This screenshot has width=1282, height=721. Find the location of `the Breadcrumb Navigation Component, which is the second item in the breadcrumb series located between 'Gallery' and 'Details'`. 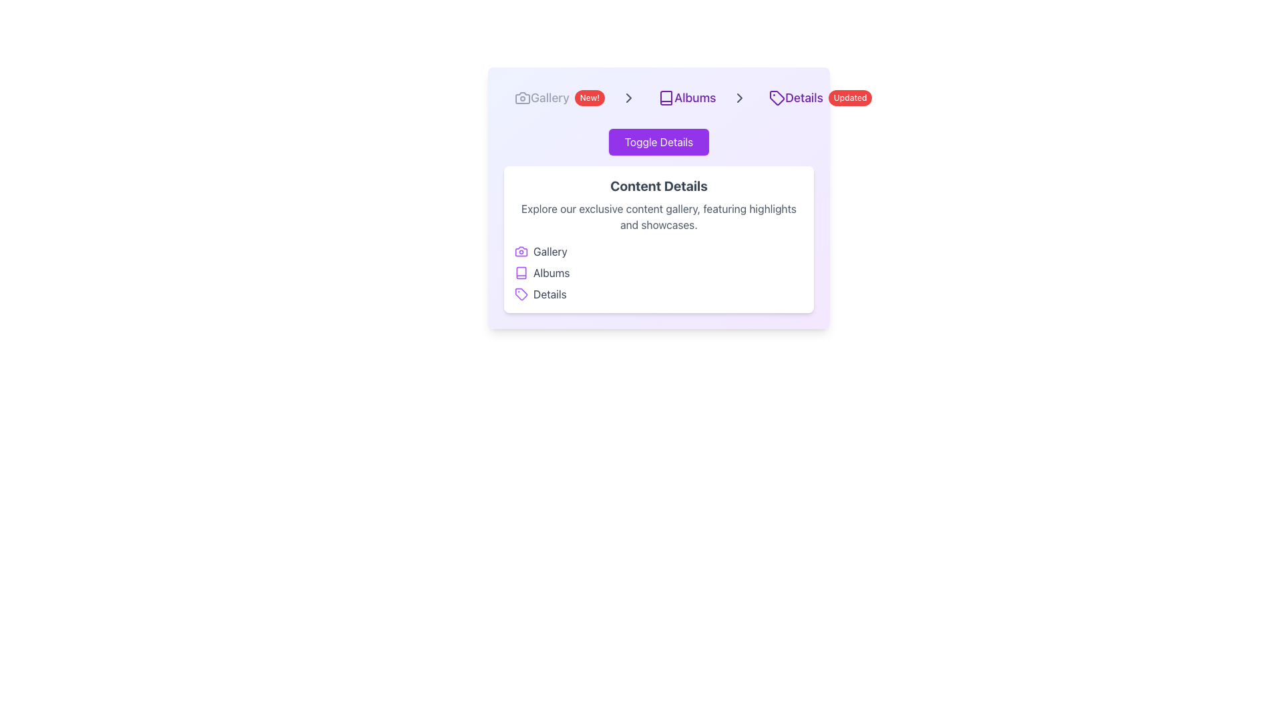

the Breadcrumb Navigation Component, which is the second item in the breadcrumb series located between 'Gallery' and 'Details' is located at coordinates (697, 97).